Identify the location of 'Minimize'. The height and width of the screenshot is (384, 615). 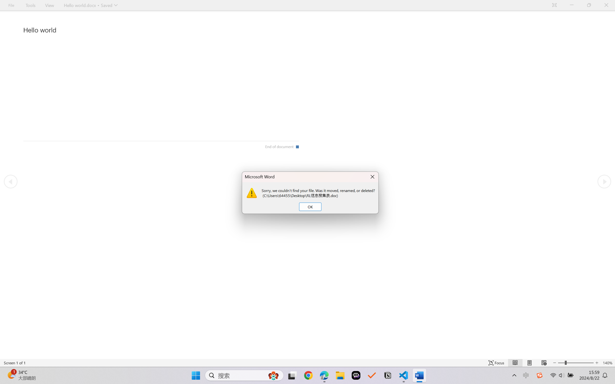
(572, 5).